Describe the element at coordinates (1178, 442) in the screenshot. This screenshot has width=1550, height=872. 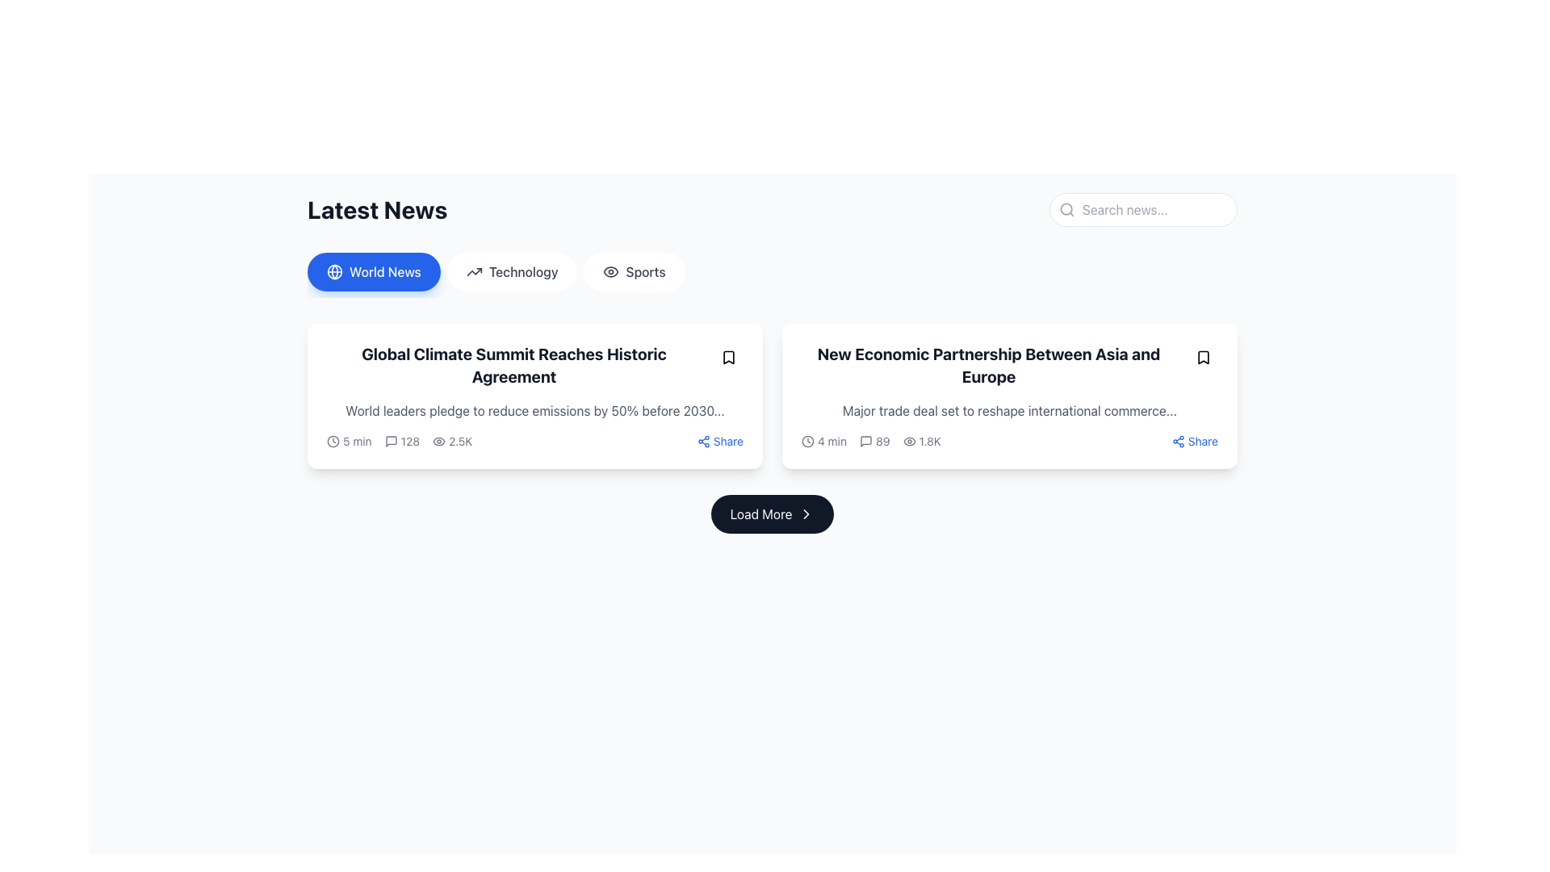
I see `the small, circular share icon resembling a three-node network graph located in the bottom-right corner of the second article card, positioned left of the 'Share' label` at that location.